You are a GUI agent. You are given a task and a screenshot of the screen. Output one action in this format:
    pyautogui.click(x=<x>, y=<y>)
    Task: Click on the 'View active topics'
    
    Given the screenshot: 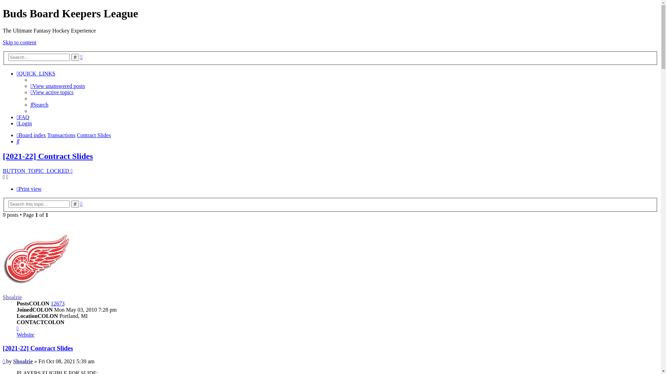 What is the action you would take?
    pyautogui.click(x=51, y=92)
    